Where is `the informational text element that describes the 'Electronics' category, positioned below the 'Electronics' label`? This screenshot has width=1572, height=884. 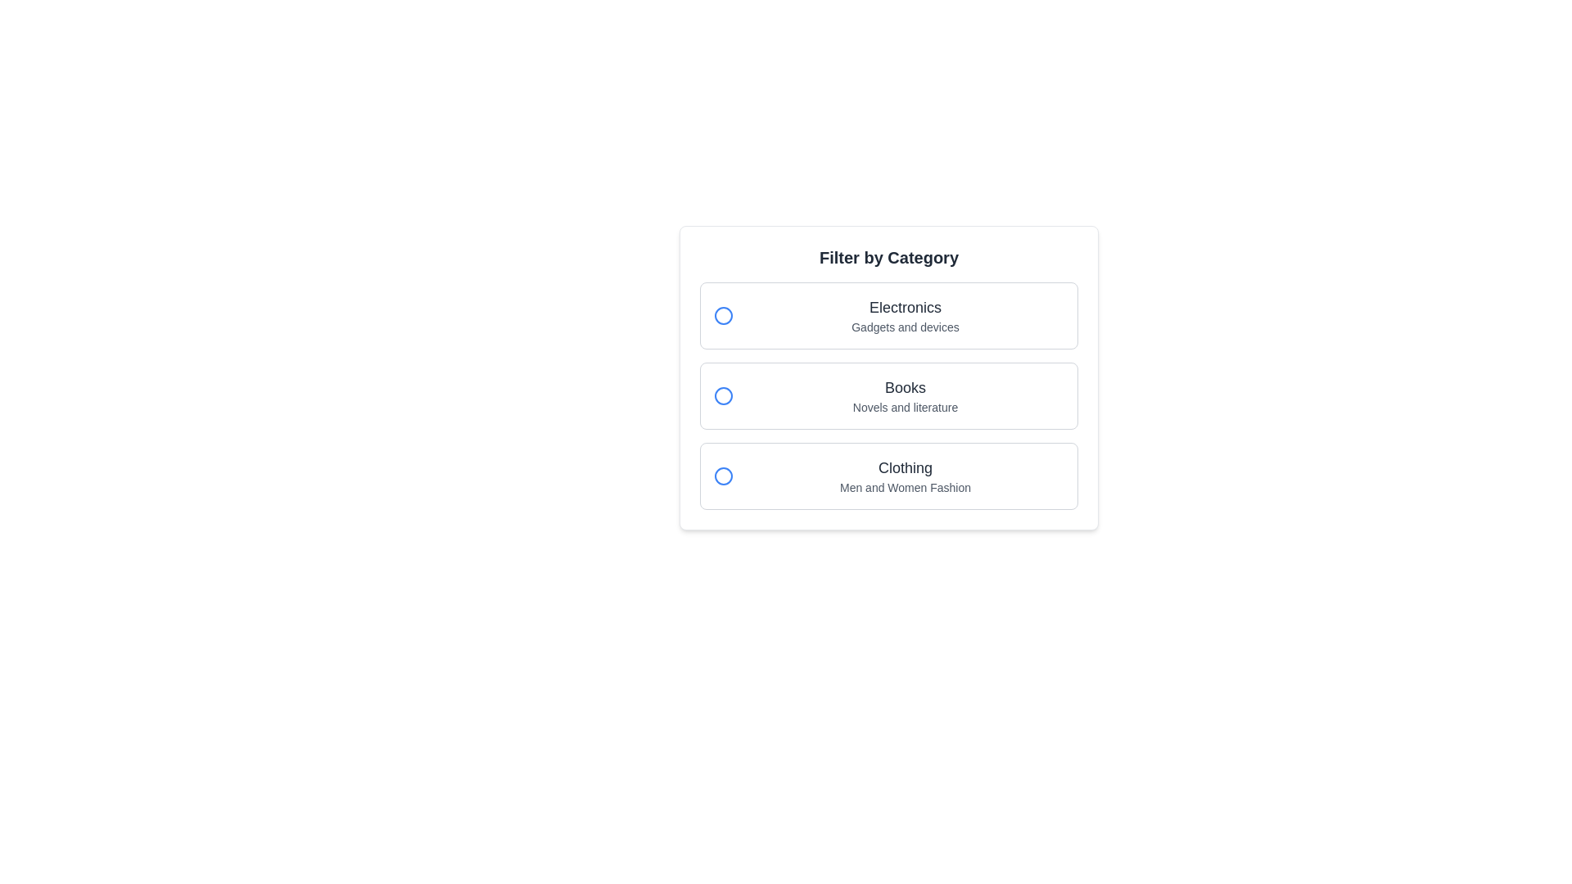 the informational text element that describes the 'Electronics' category, positioned below the 'Electronics' label is located at coordinates (904, 327).